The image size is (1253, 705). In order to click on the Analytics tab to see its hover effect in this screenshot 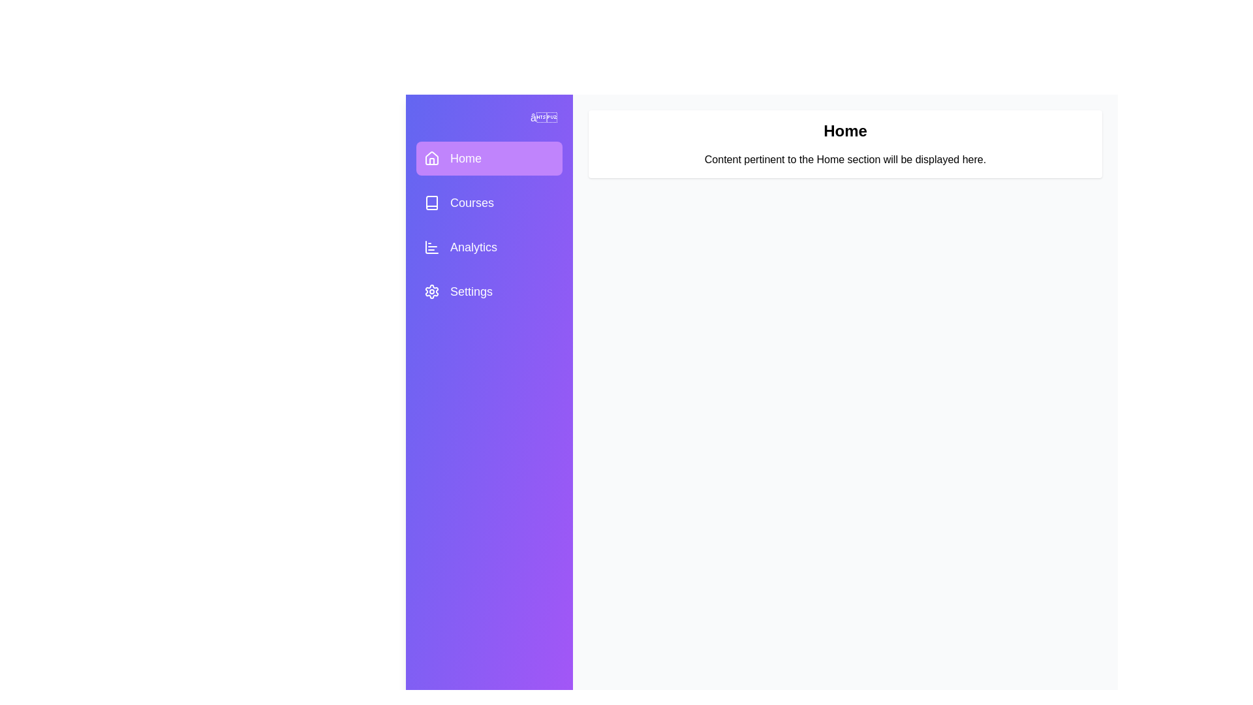, I will do `click(488, 247)`.